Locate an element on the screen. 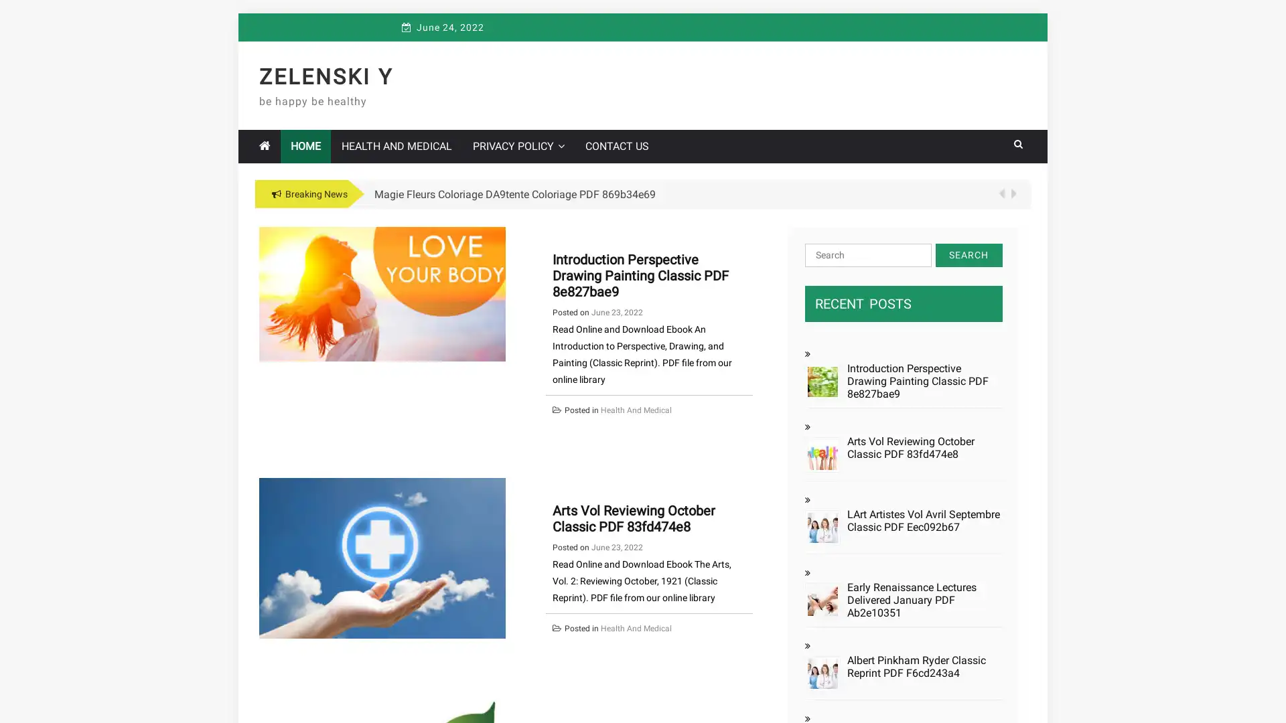 This screenshot has height=723, width=1286. Search is located at coordinates (968, 254).